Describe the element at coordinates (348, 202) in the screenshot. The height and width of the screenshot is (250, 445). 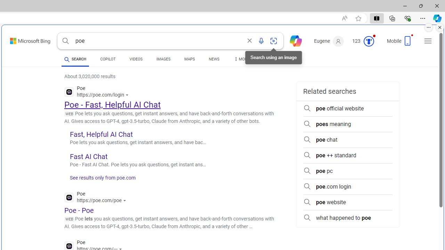
I see `'poe website'` at that location.